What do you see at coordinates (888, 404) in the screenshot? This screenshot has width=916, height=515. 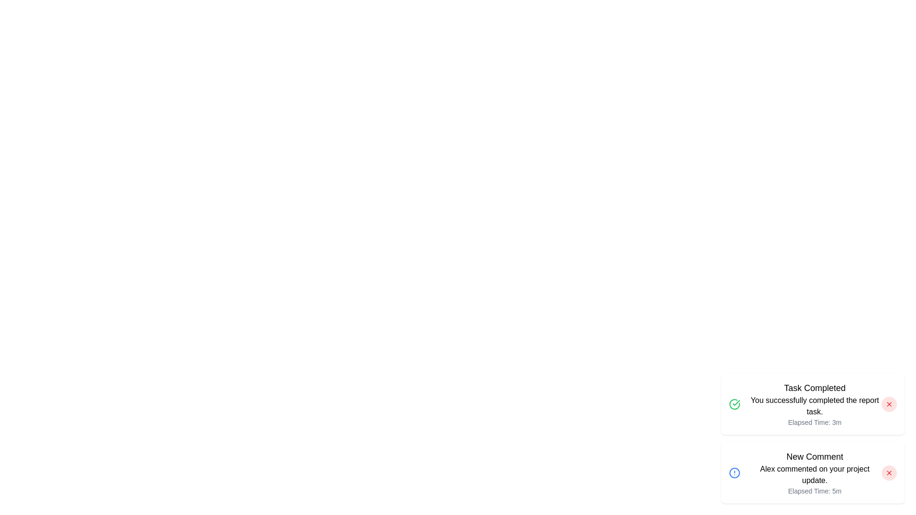 I see `the close button of the first notification` at bounding box center [888, 404].